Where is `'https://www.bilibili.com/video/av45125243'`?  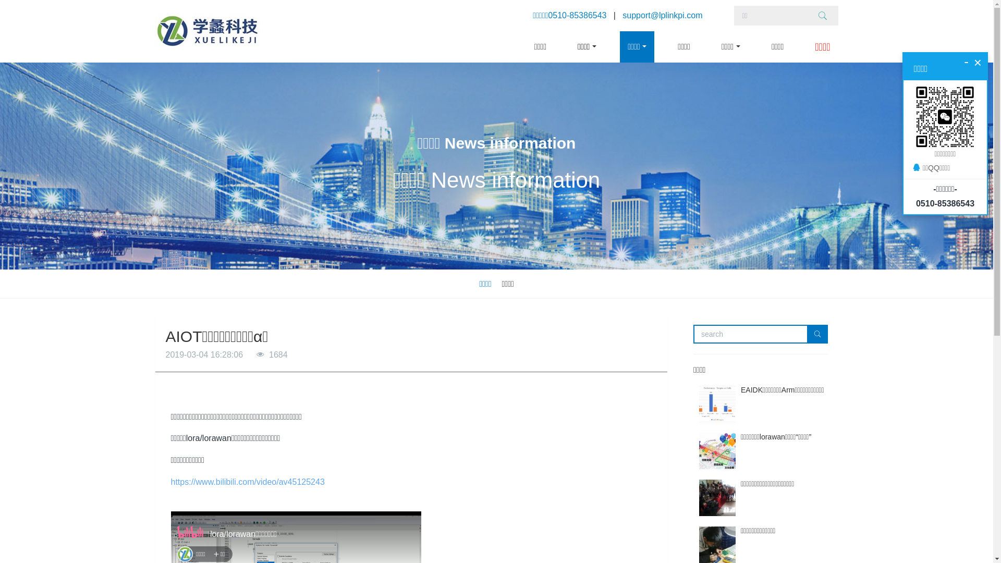
'https://www.bilibili.com/video/av45125243' is located at coordinates (247, 482).